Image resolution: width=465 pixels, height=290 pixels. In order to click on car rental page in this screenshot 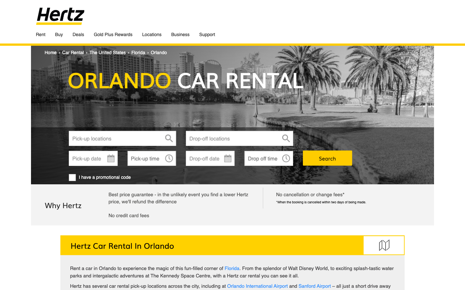, I will do `click(73, 52)`.